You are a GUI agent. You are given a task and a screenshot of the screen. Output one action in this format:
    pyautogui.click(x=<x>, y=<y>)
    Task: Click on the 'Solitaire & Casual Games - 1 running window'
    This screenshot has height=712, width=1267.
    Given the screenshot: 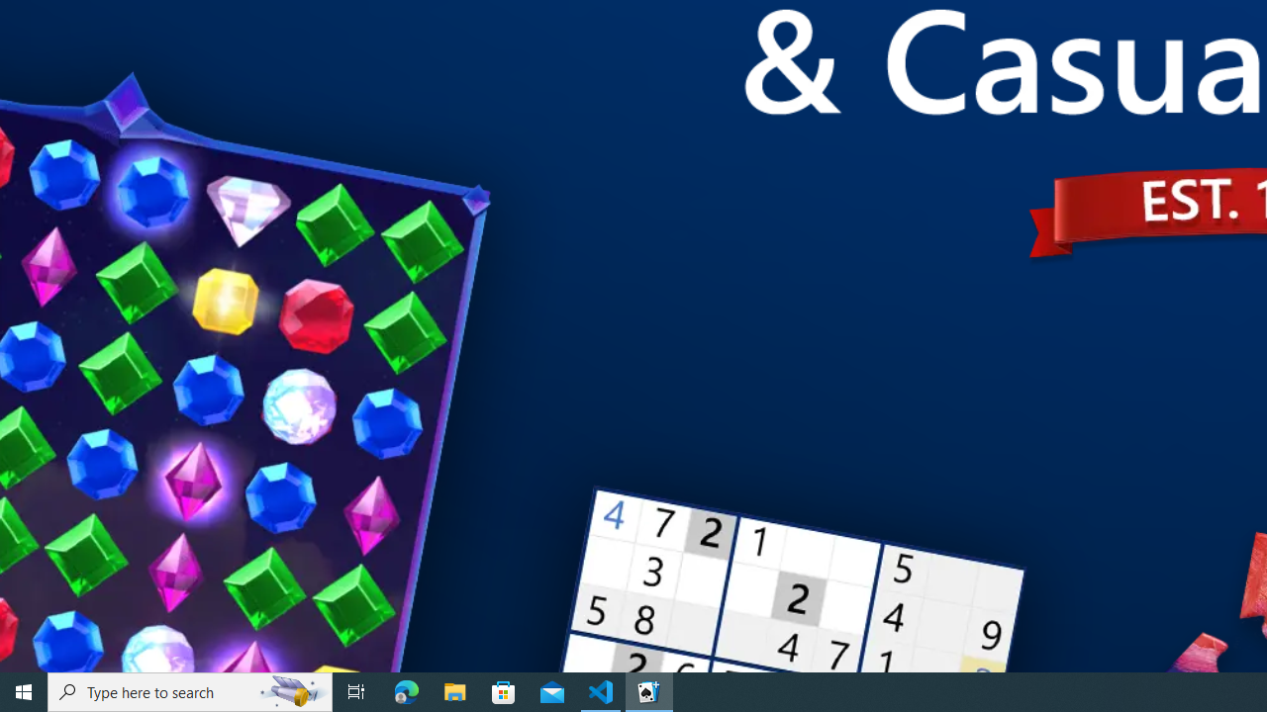 What is the action you would take?
    pyautogui.click(x=649, y=690)
    